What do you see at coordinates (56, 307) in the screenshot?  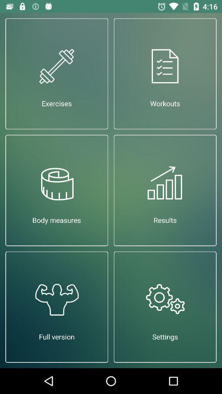 I see `the full version` at bounding box center [56, 307].